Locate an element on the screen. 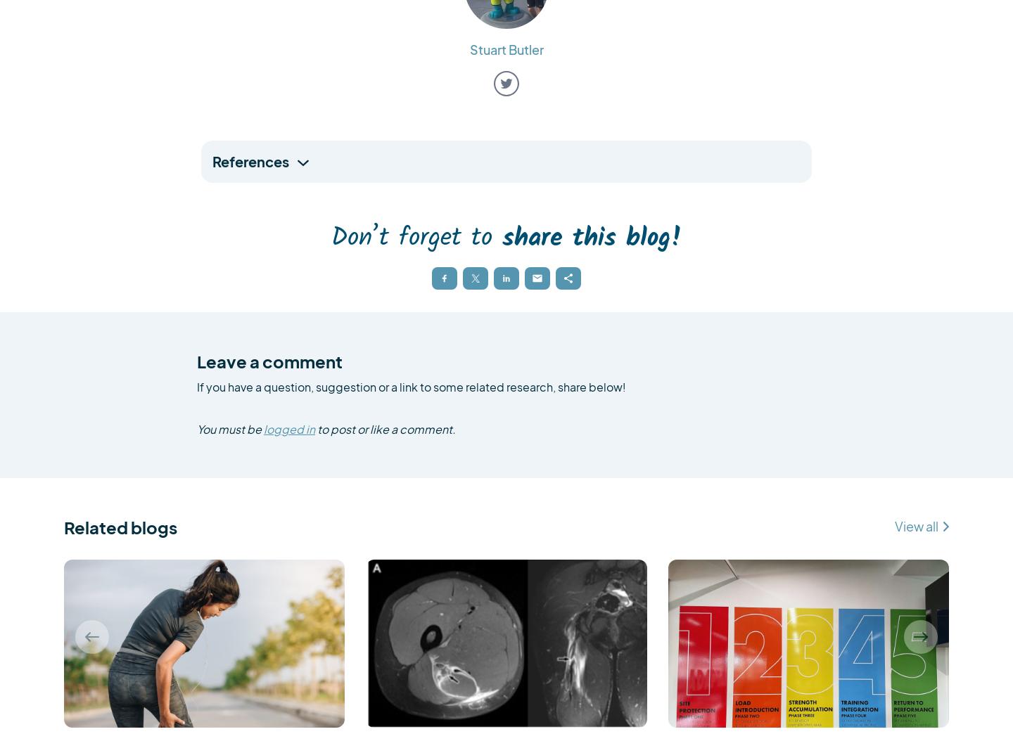 Image resolution: width=1013 pixels, height=741 pixels. 'View all' is located at coordinates (917, 526).